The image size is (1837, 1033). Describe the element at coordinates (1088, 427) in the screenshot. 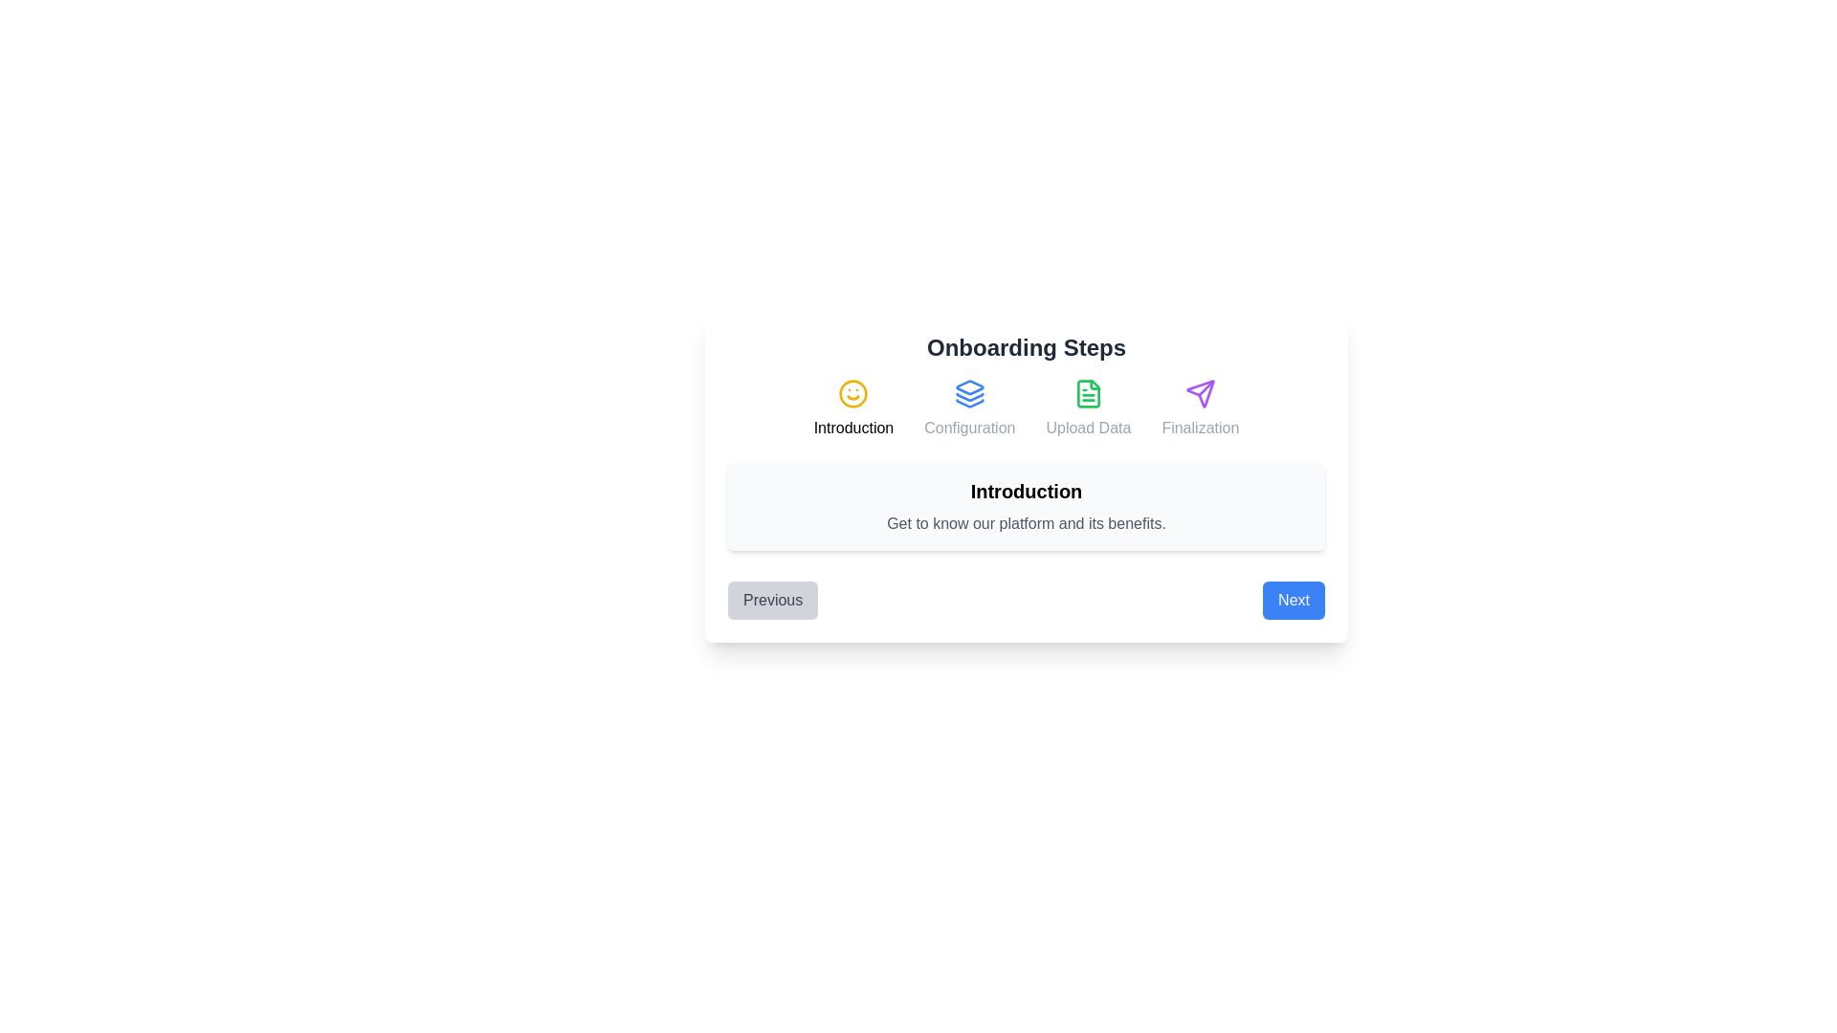

I see `the 'Upload Data' text label, which serves as a title for a step in the onboarding process, located below the document icon and part of the 'Onboarding Steps' sequence` at that location.